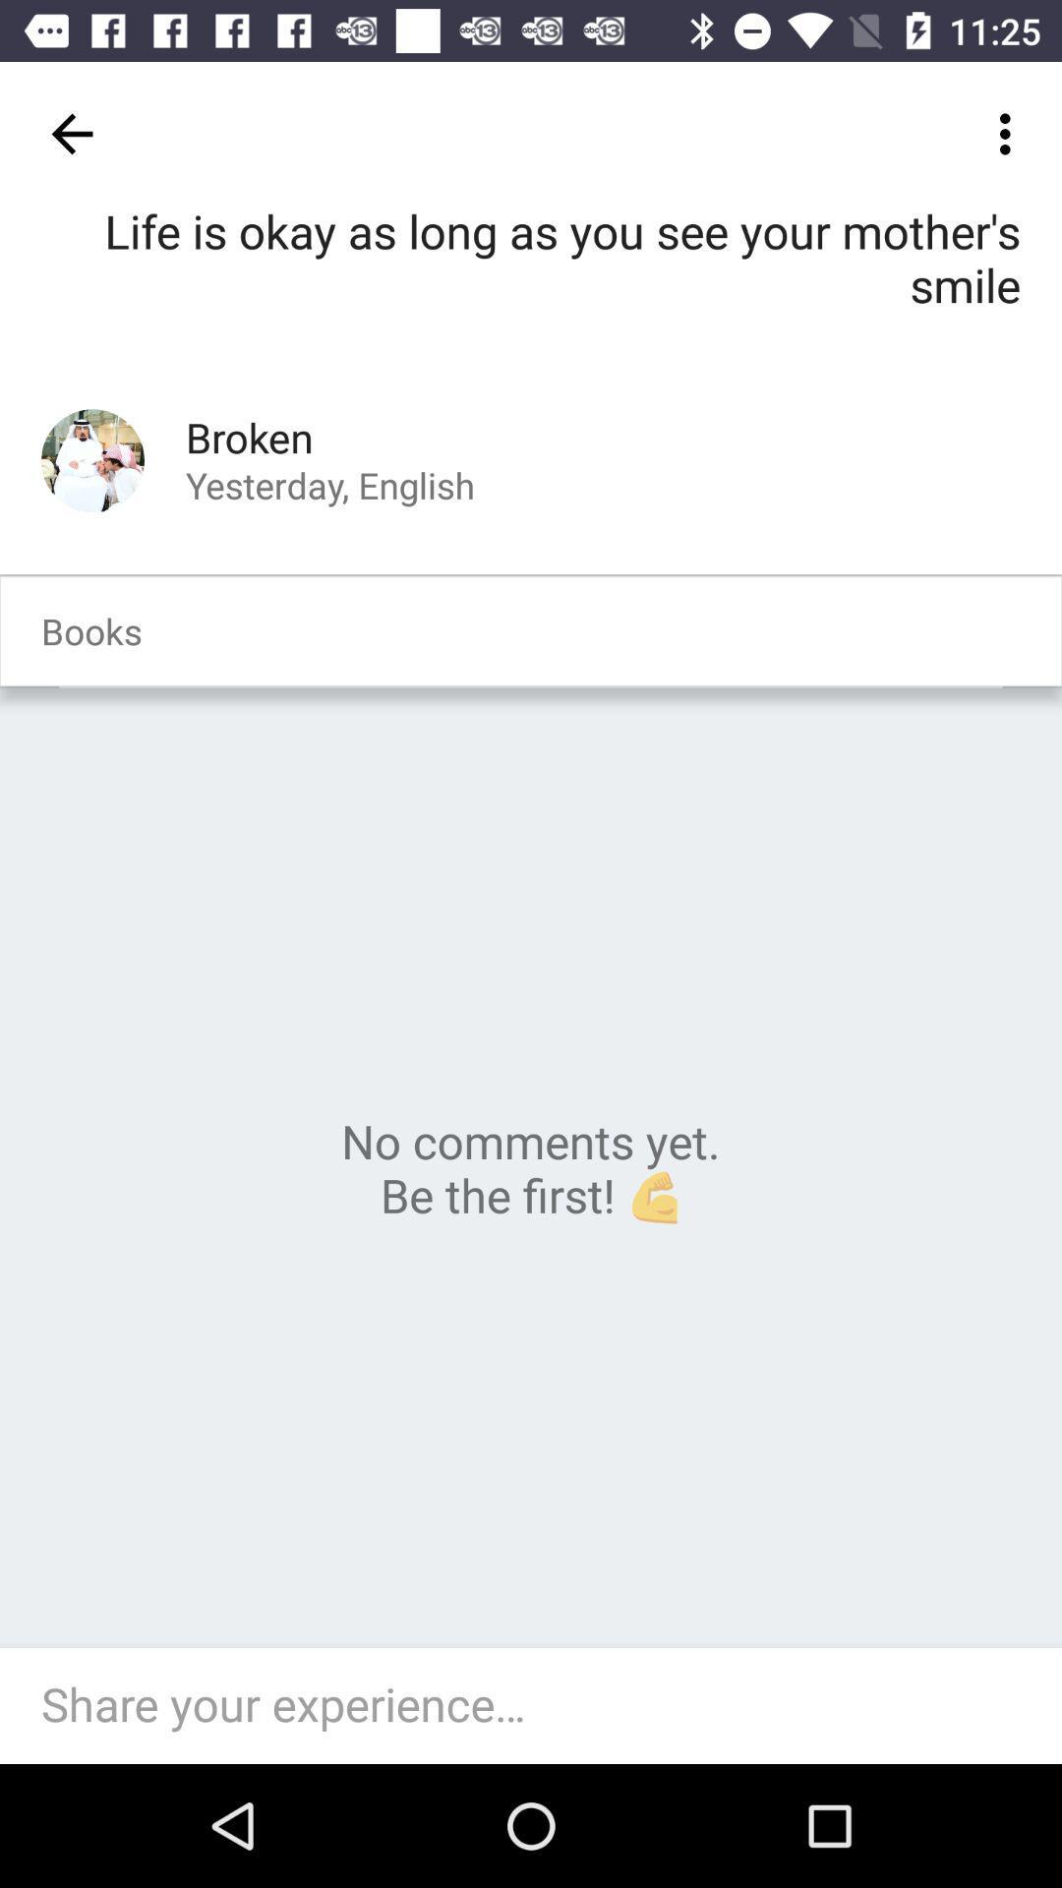 The width and height of the screenshot is (1062, 1888). What do you see at coordinates (1010, 133) in the screenshot?
I see `item above the life is okay` at bounding box center [1010, 133].